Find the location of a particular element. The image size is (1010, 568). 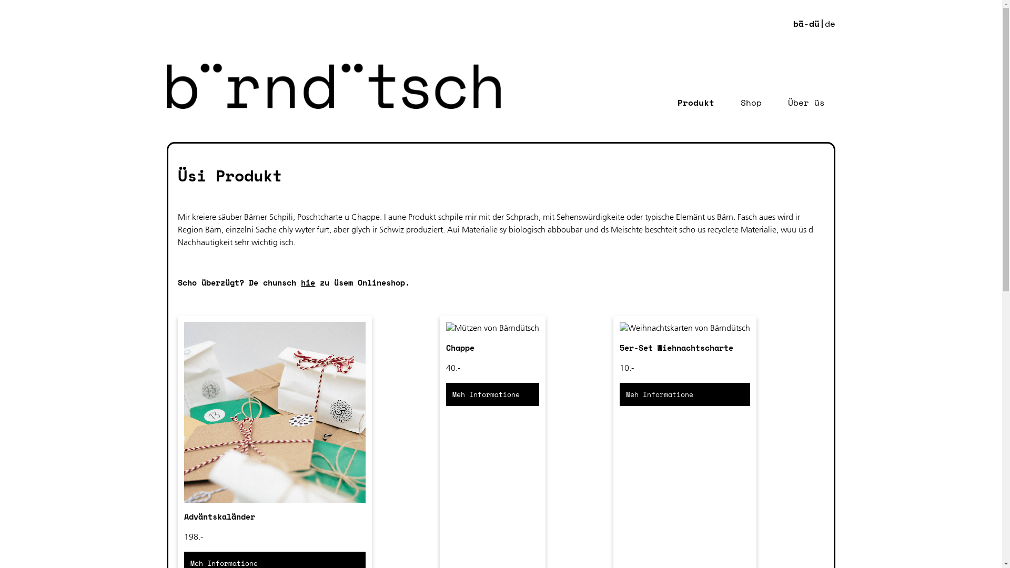

'Produkt' is located at coordinates (696, 103).